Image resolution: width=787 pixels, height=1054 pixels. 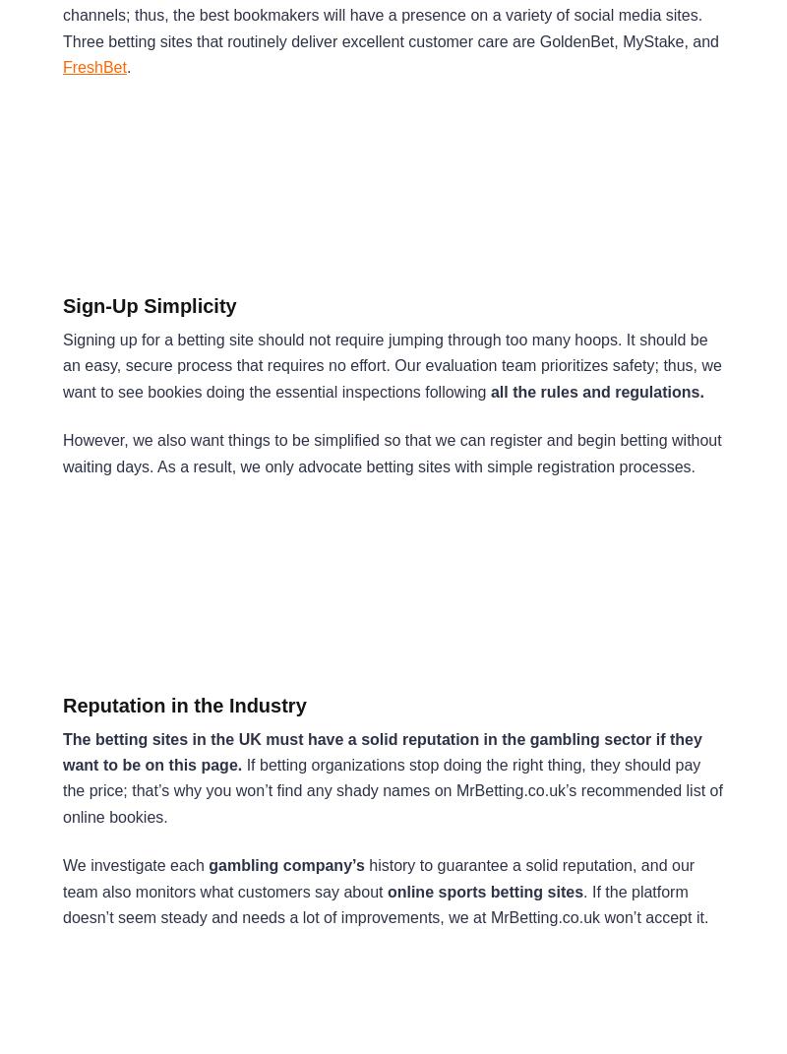 I want to click on 'online sports betting sites', so click(x=484, y=891).